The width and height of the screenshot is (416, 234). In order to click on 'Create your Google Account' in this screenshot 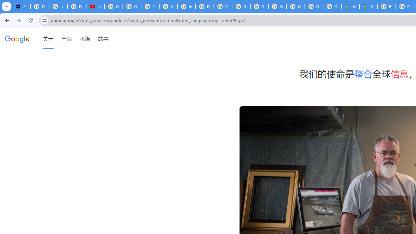, I will do `click(332, 6)`.